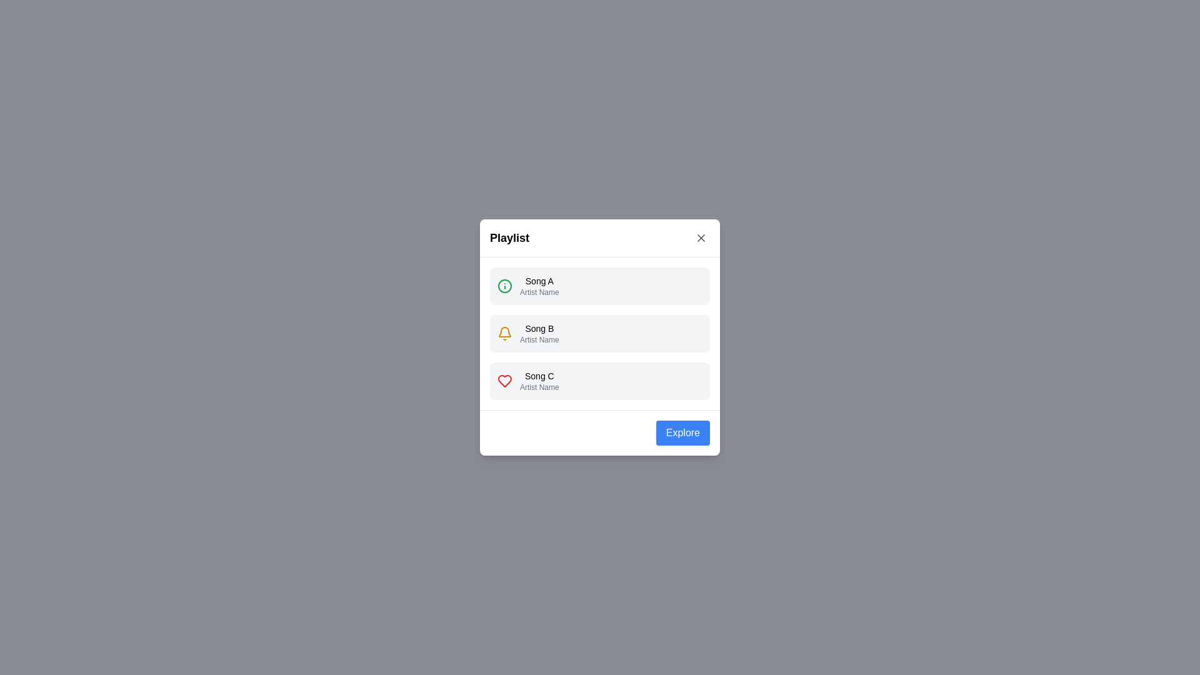 This screenshot has width=1200, height=675. Describe the element at coordinates (539, 380) in the screenshot. I see `the song display element that shows 'Song C' as the title and 'Artist Name' as the subtitle, which is the third item in the playlist` at that location.